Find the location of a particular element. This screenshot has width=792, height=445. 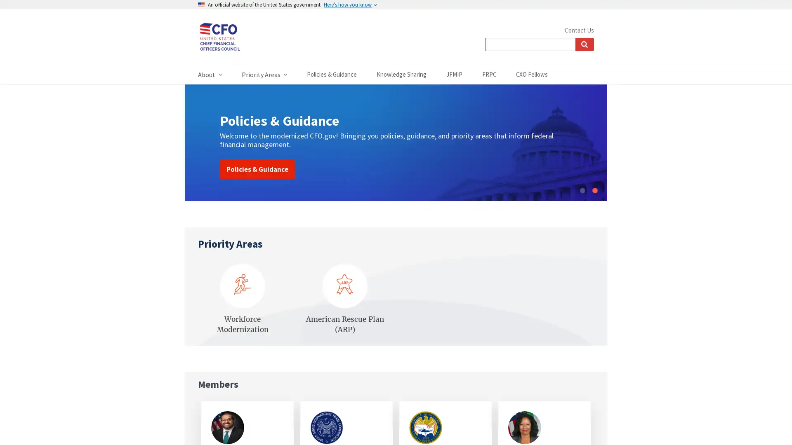

Slide: 2 is located at coordinates (594, 190).